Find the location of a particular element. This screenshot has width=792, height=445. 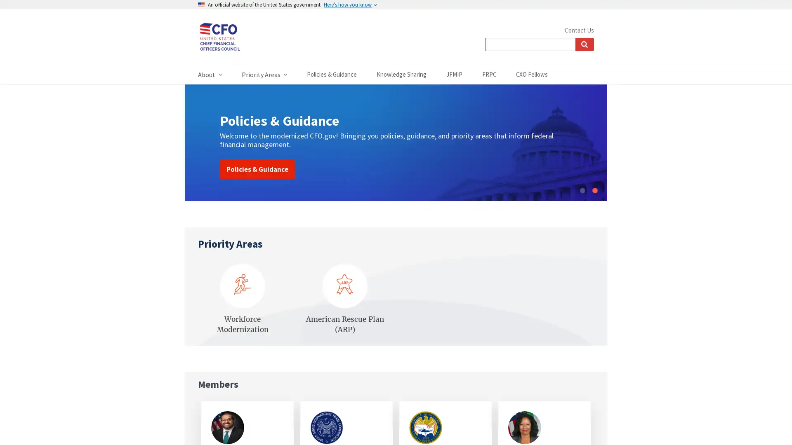

Slide: 2 is located at coordinates (594, 190).